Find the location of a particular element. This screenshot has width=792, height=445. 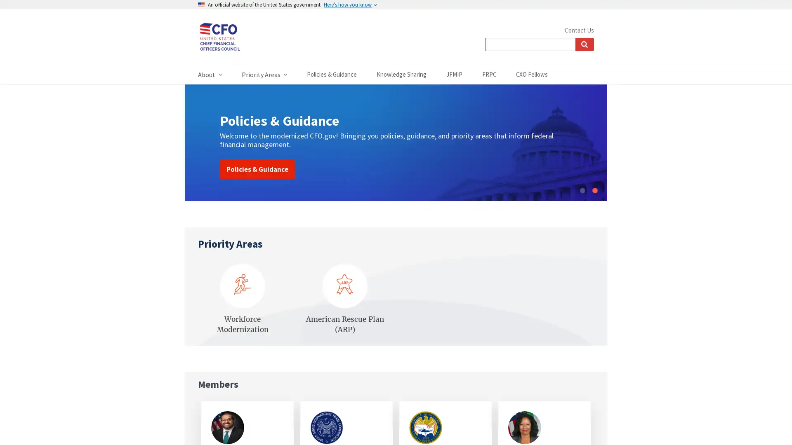

Slide: 2 is located at coordinates (594, 190).